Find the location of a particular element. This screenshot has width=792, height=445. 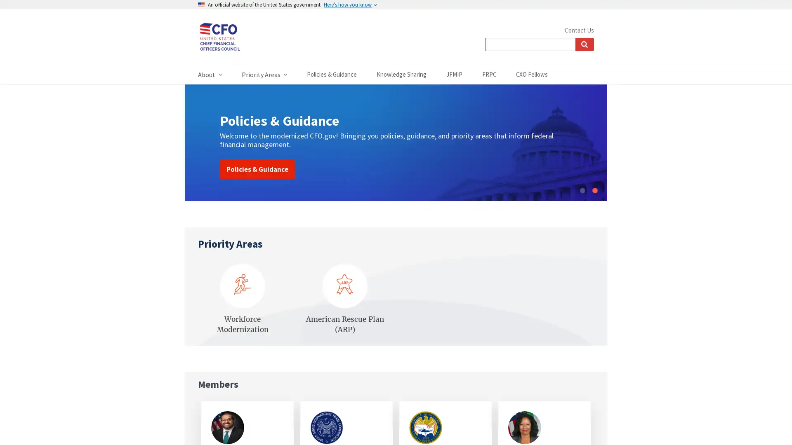

Slide: 2 is located at coordinates (594, 190).